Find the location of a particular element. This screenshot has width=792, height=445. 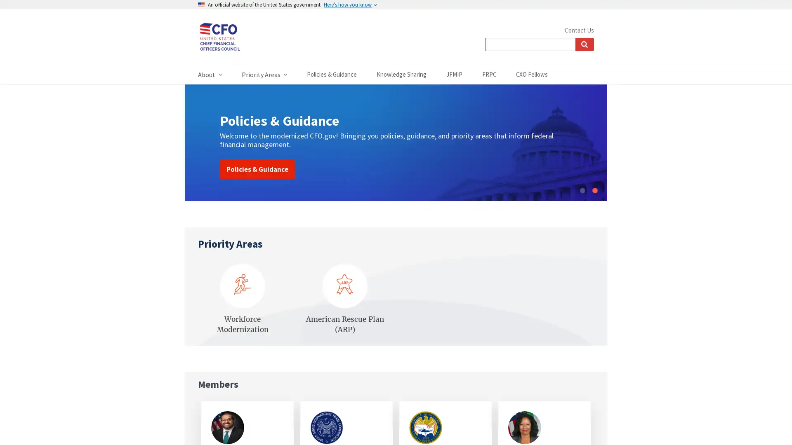

Slide: 2 is located at coordinates (594, 190).